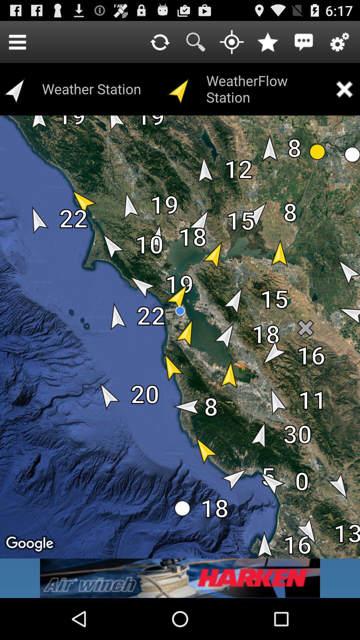  What do you see at coordinates (180, 578) in the screenshot?
I see `clickable advertisement` at bounding box center [180, 578].